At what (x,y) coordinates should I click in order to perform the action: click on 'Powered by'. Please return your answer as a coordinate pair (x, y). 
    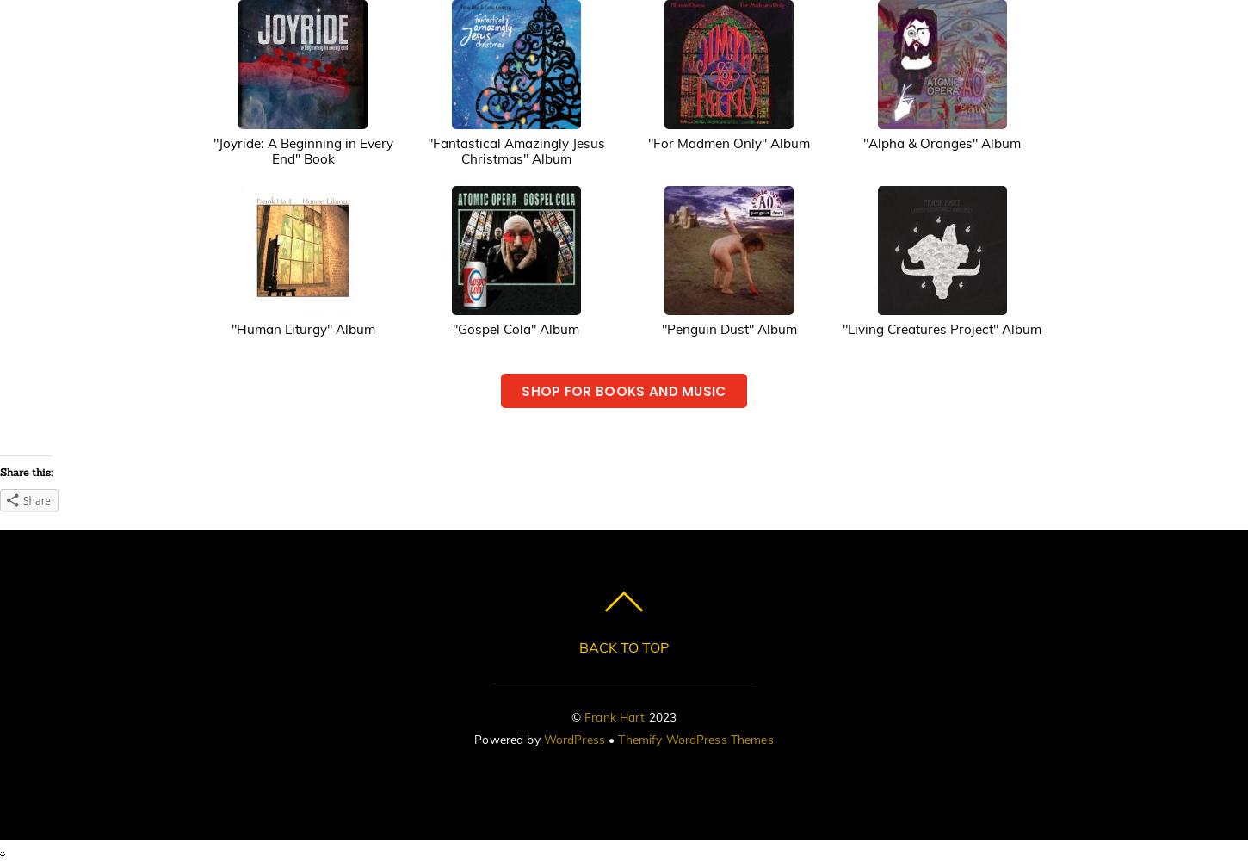
    Looking at the image, I should click on (509, 738).